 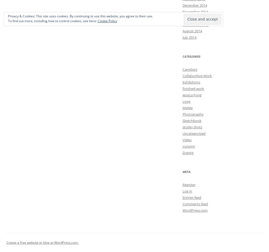 What do you see at coordinates (183, 191) in the screenshot?
I see `'Log in'` at bounding box center [183, 191].